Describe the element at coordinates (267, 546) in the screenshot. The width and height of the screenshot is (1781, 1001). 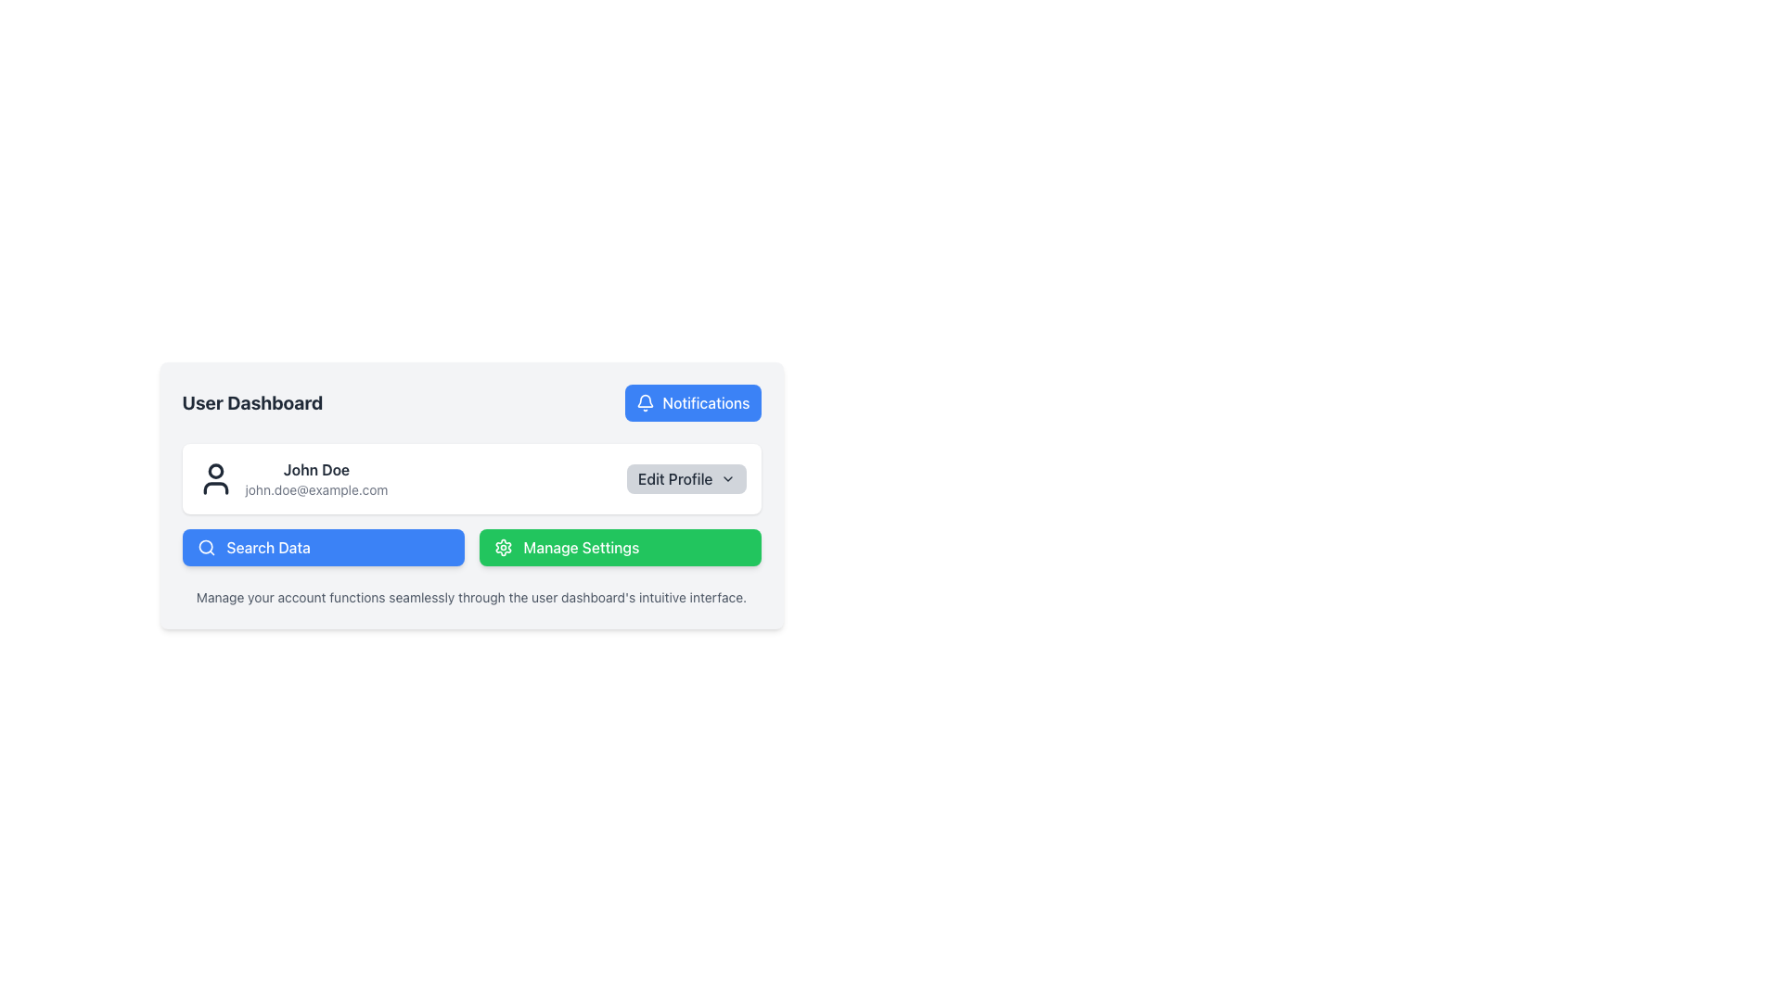
I see `the 'Search Data' text label on the blue button which displays a search icon to its left` at that location.